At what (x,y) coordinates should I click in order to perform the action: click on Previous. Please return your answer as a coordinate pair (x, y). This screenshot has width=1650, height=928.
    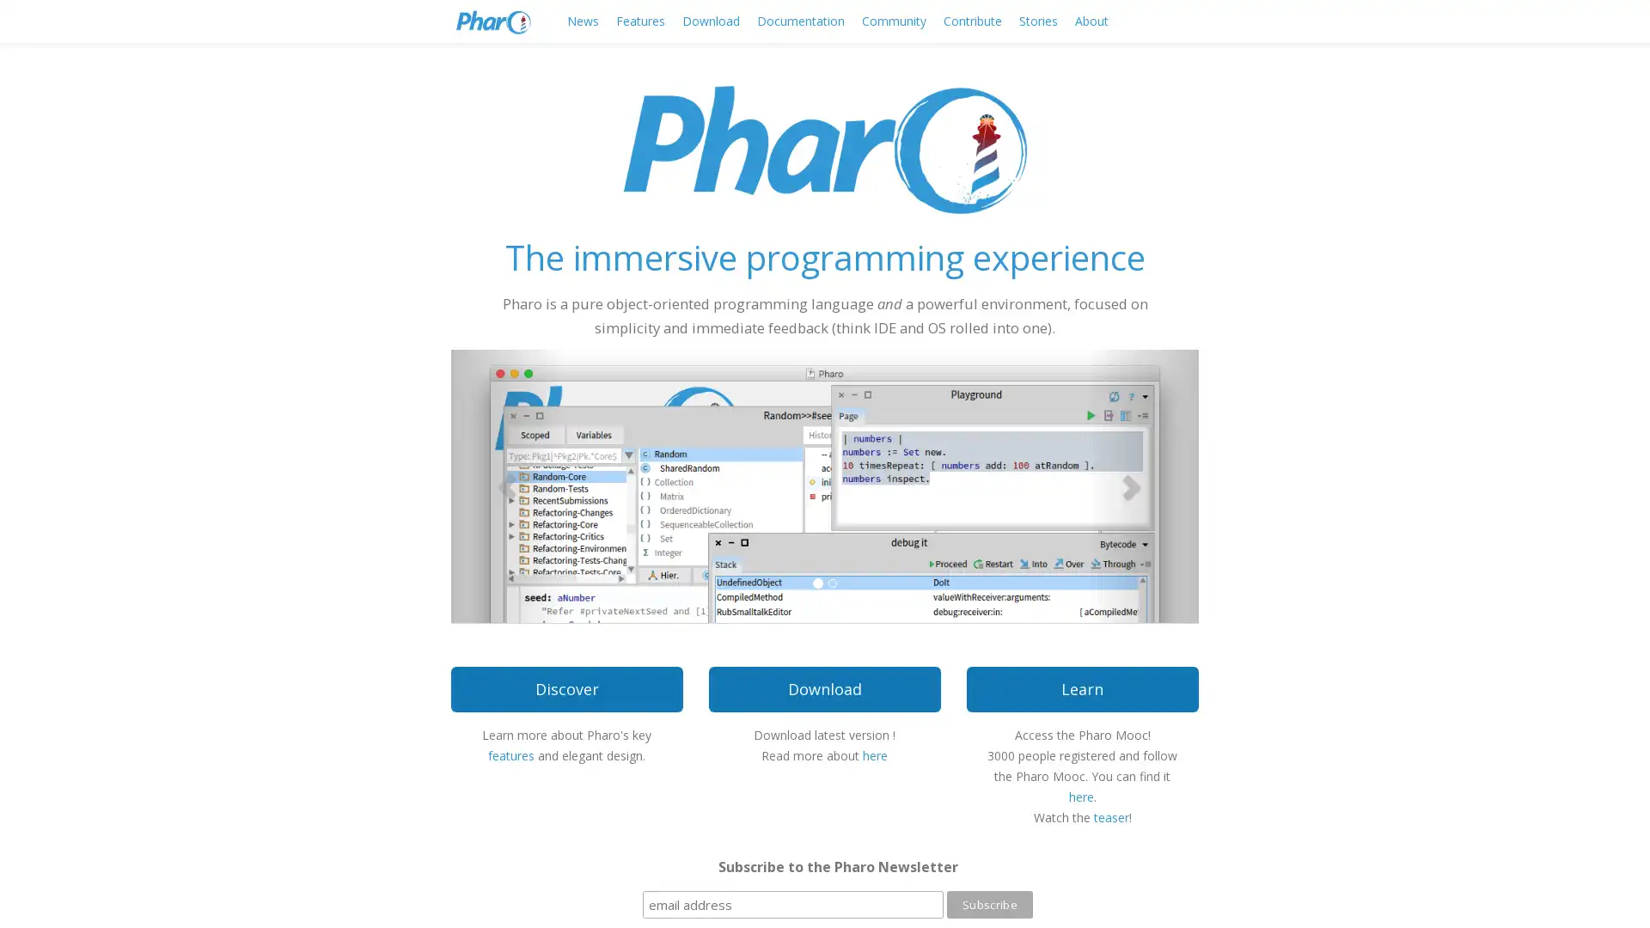
    Looking at the image, I should click on (506, 485).